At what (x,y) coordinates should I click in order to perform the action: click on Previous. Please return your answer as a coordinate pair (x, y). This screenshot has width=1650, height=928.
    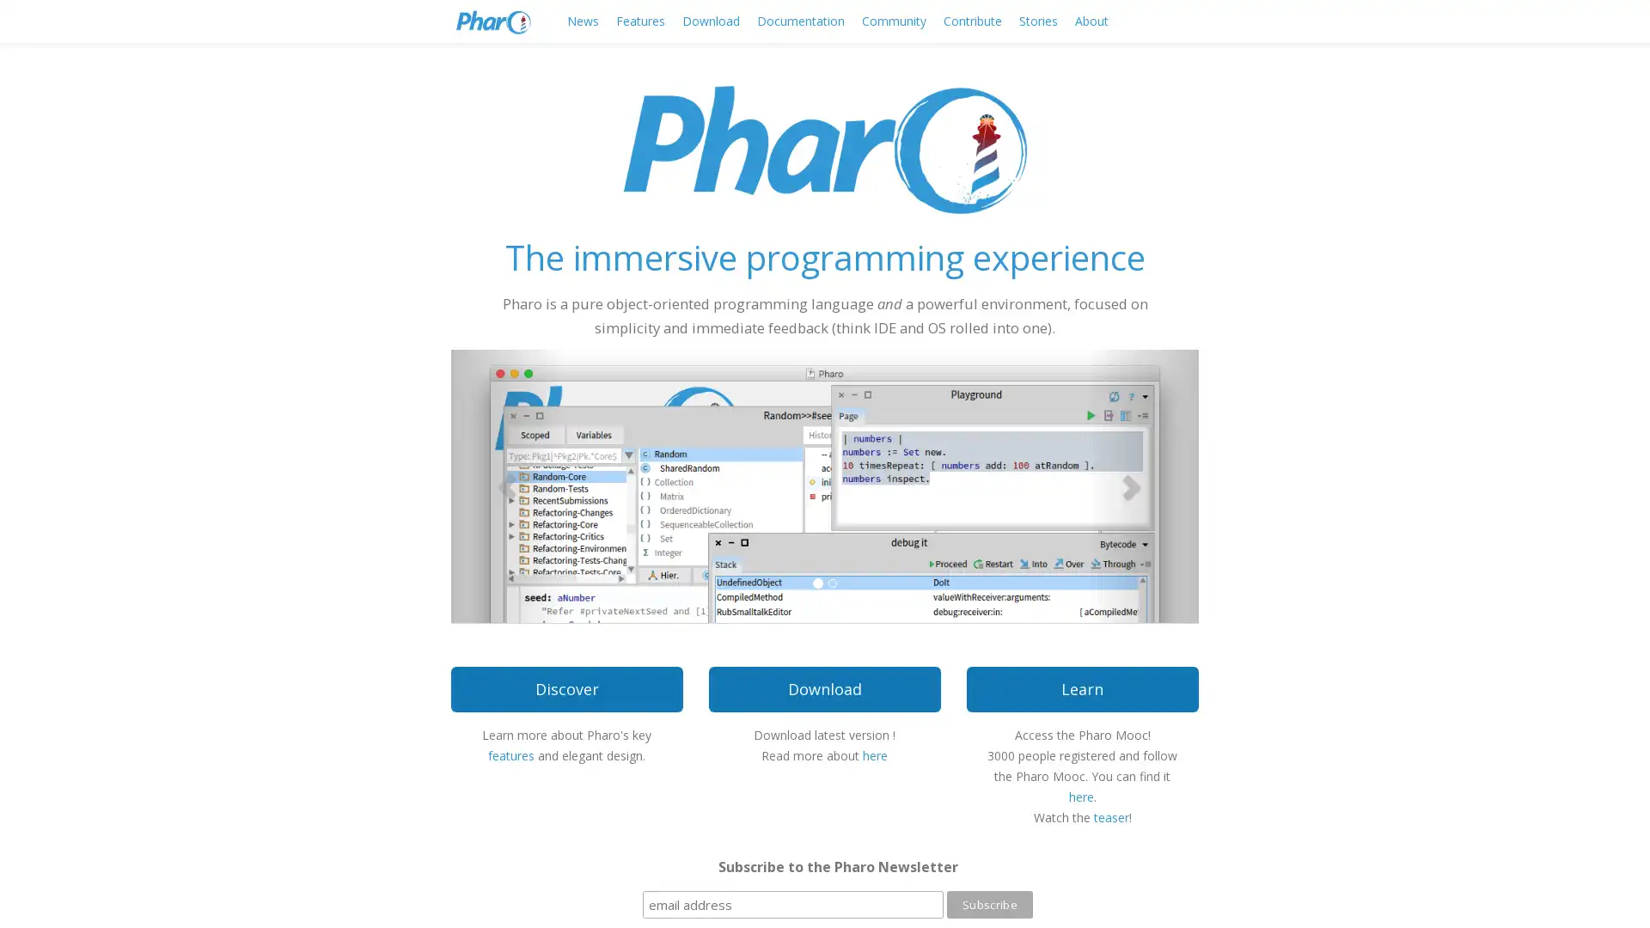
    Looking at the image, I should click on (506, 485).